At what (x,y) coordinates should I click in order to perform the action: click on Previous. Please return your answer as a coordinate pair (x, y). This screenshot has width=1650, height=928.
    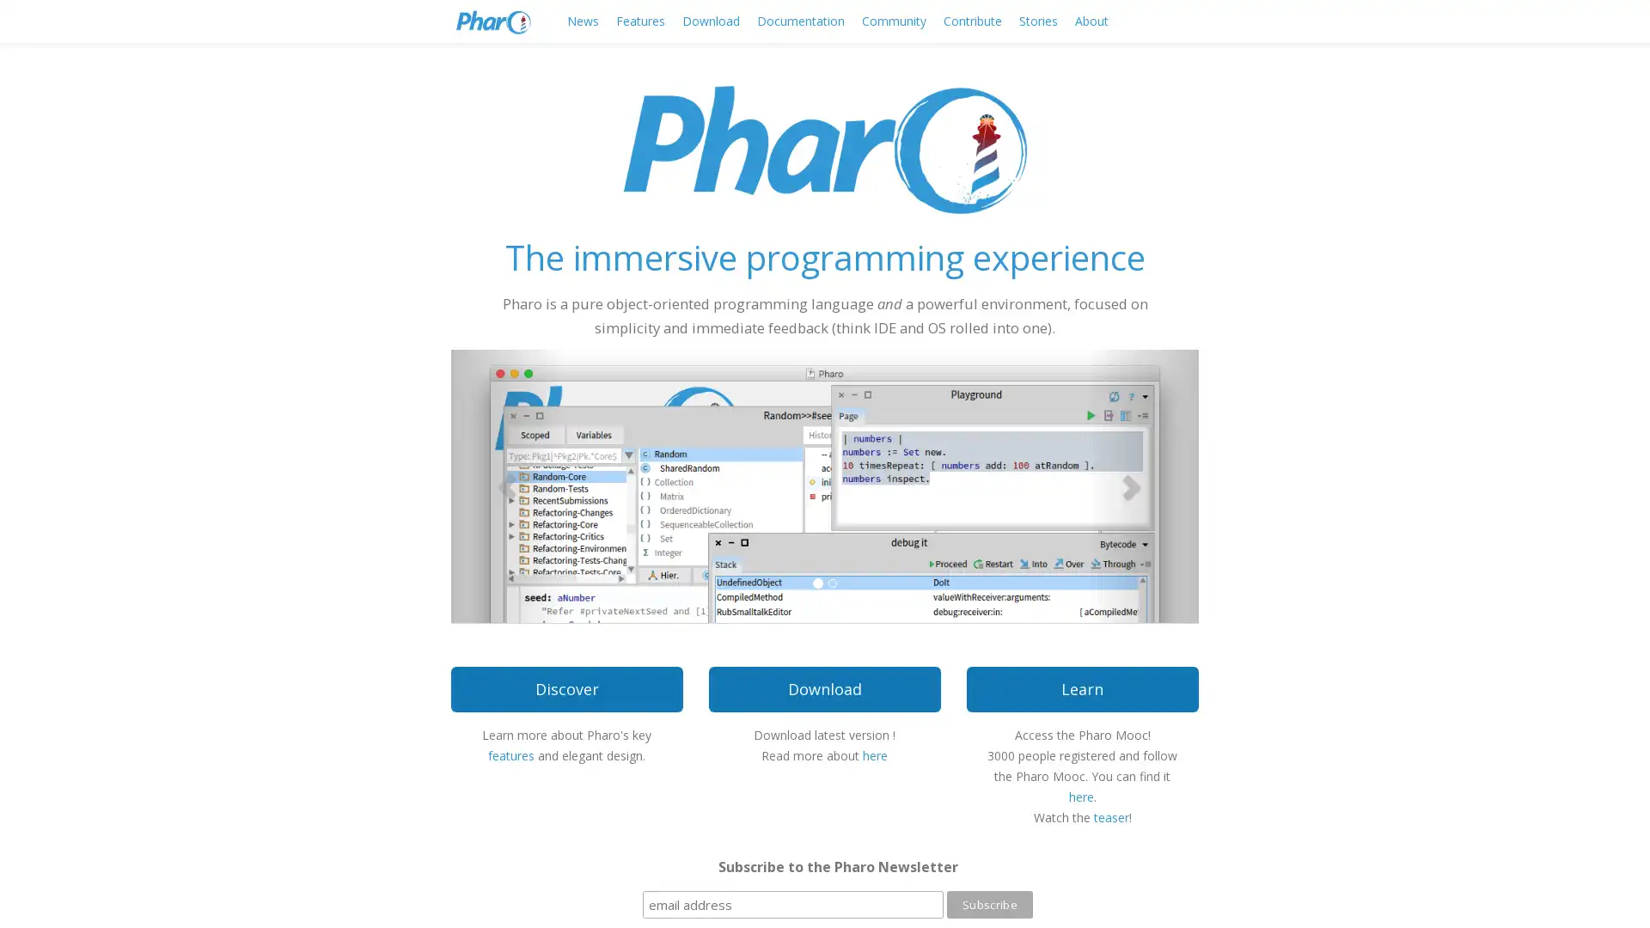
    Looking at the image, I should click on (506, 485).